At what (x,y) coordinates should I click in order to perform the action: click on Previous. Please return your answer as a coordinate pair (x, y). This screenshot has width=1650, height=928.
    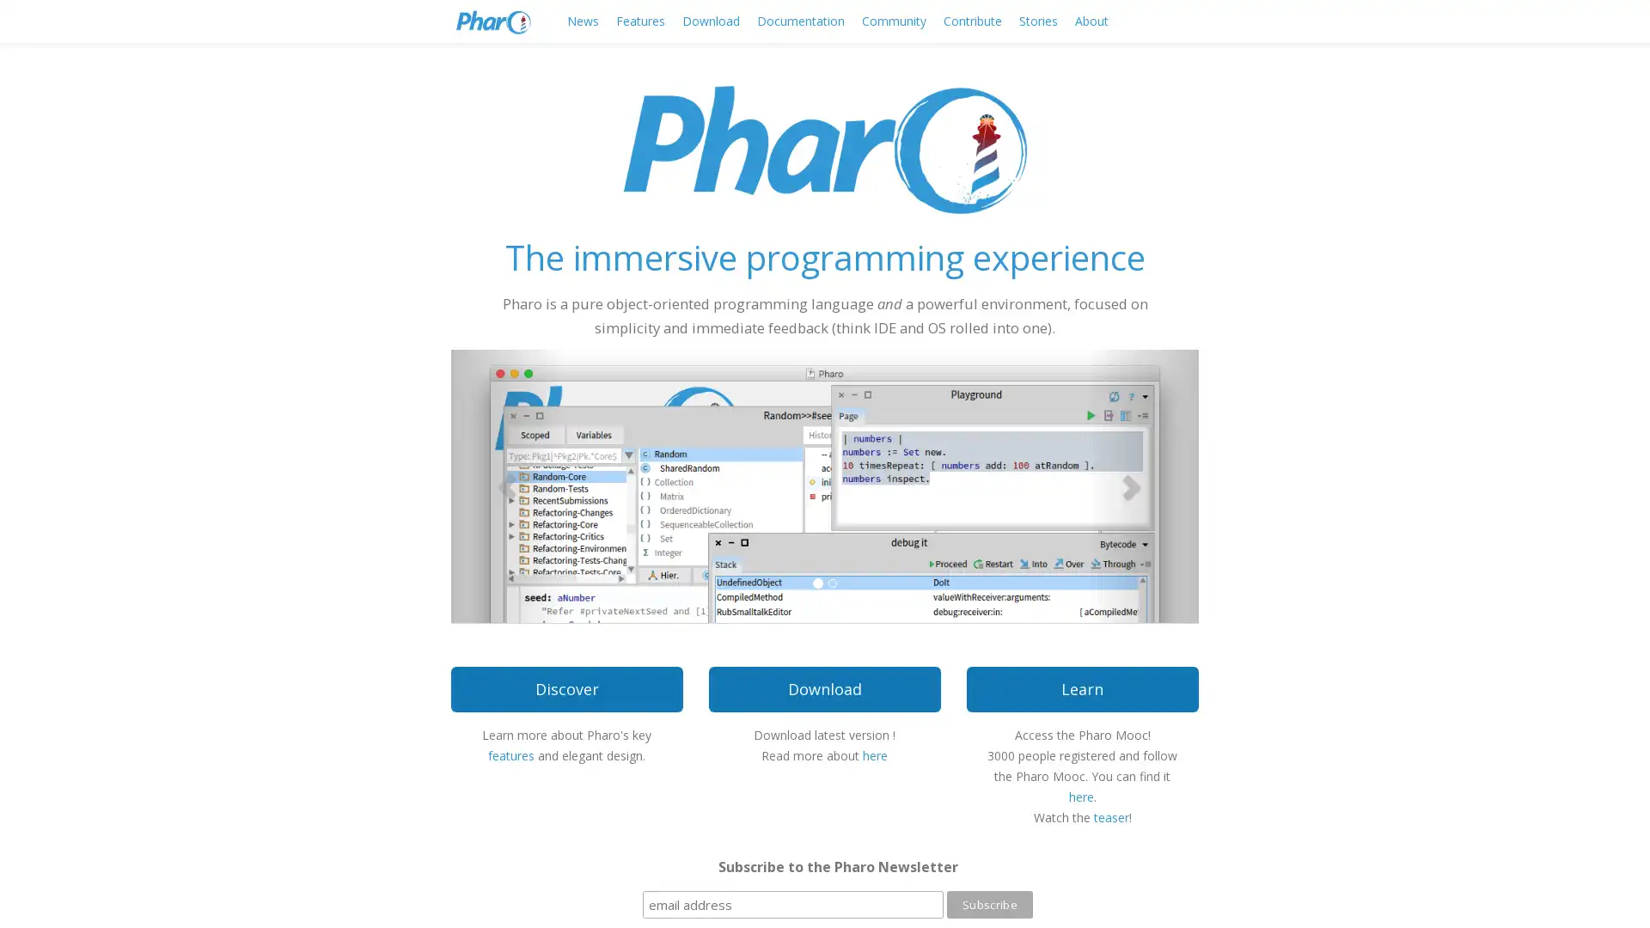
    Looking at the image, I should click on (506, 485).